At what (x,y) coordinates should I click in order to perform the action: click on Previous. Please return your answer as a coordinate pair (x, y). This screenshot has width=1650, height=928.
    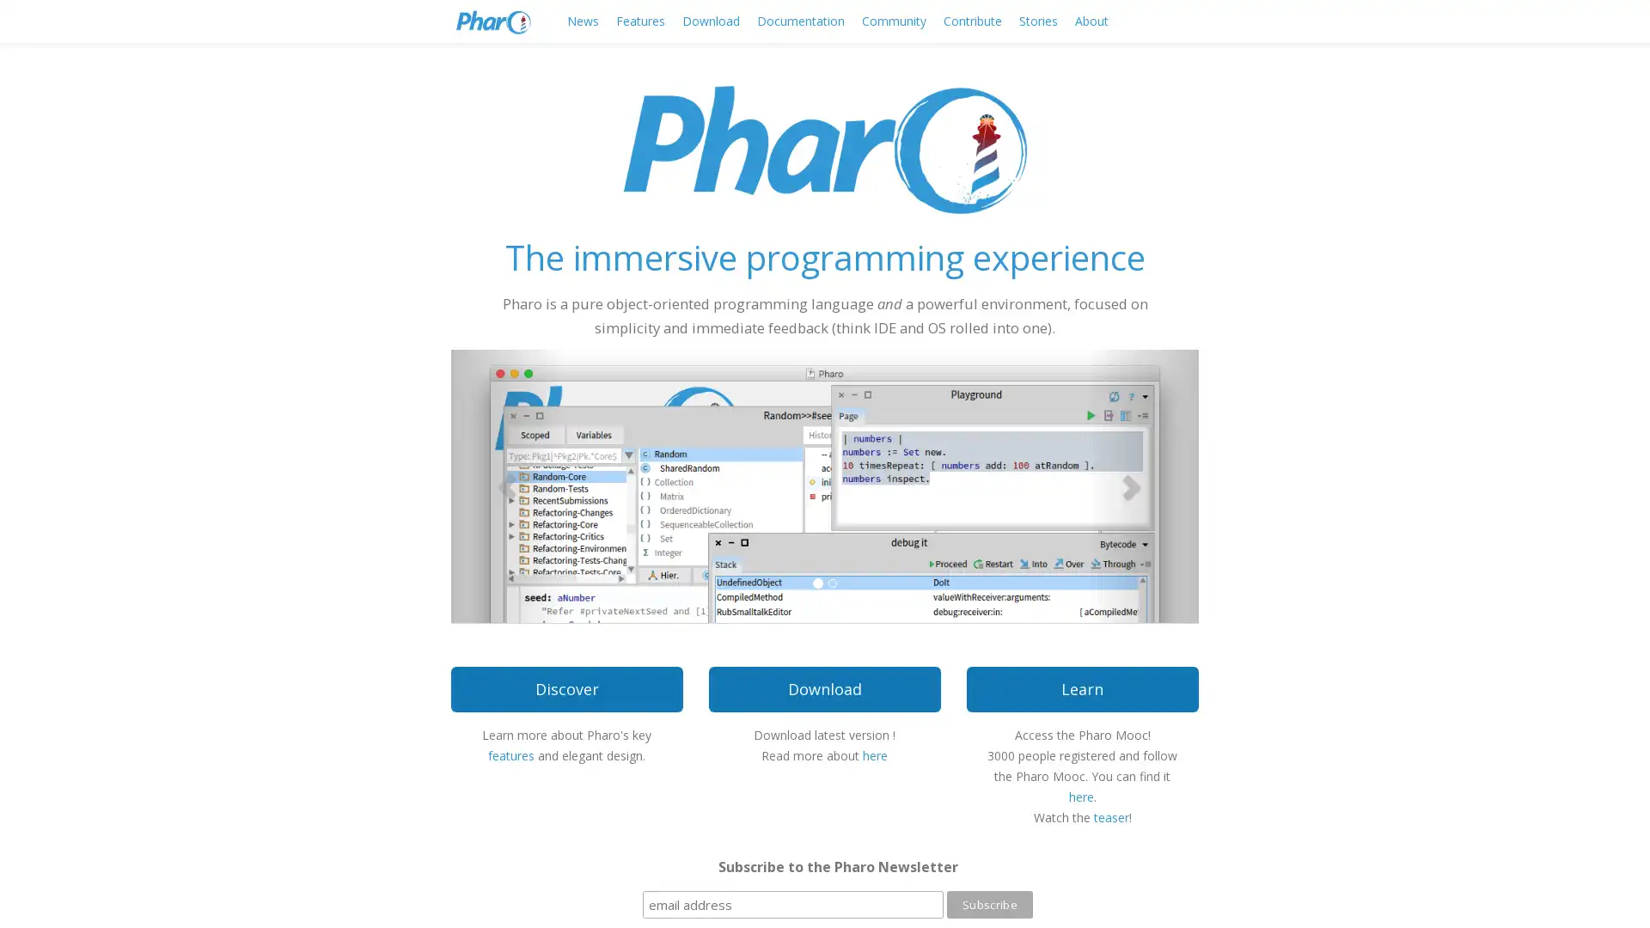
    Looking at the image, I should click on (506, 485).